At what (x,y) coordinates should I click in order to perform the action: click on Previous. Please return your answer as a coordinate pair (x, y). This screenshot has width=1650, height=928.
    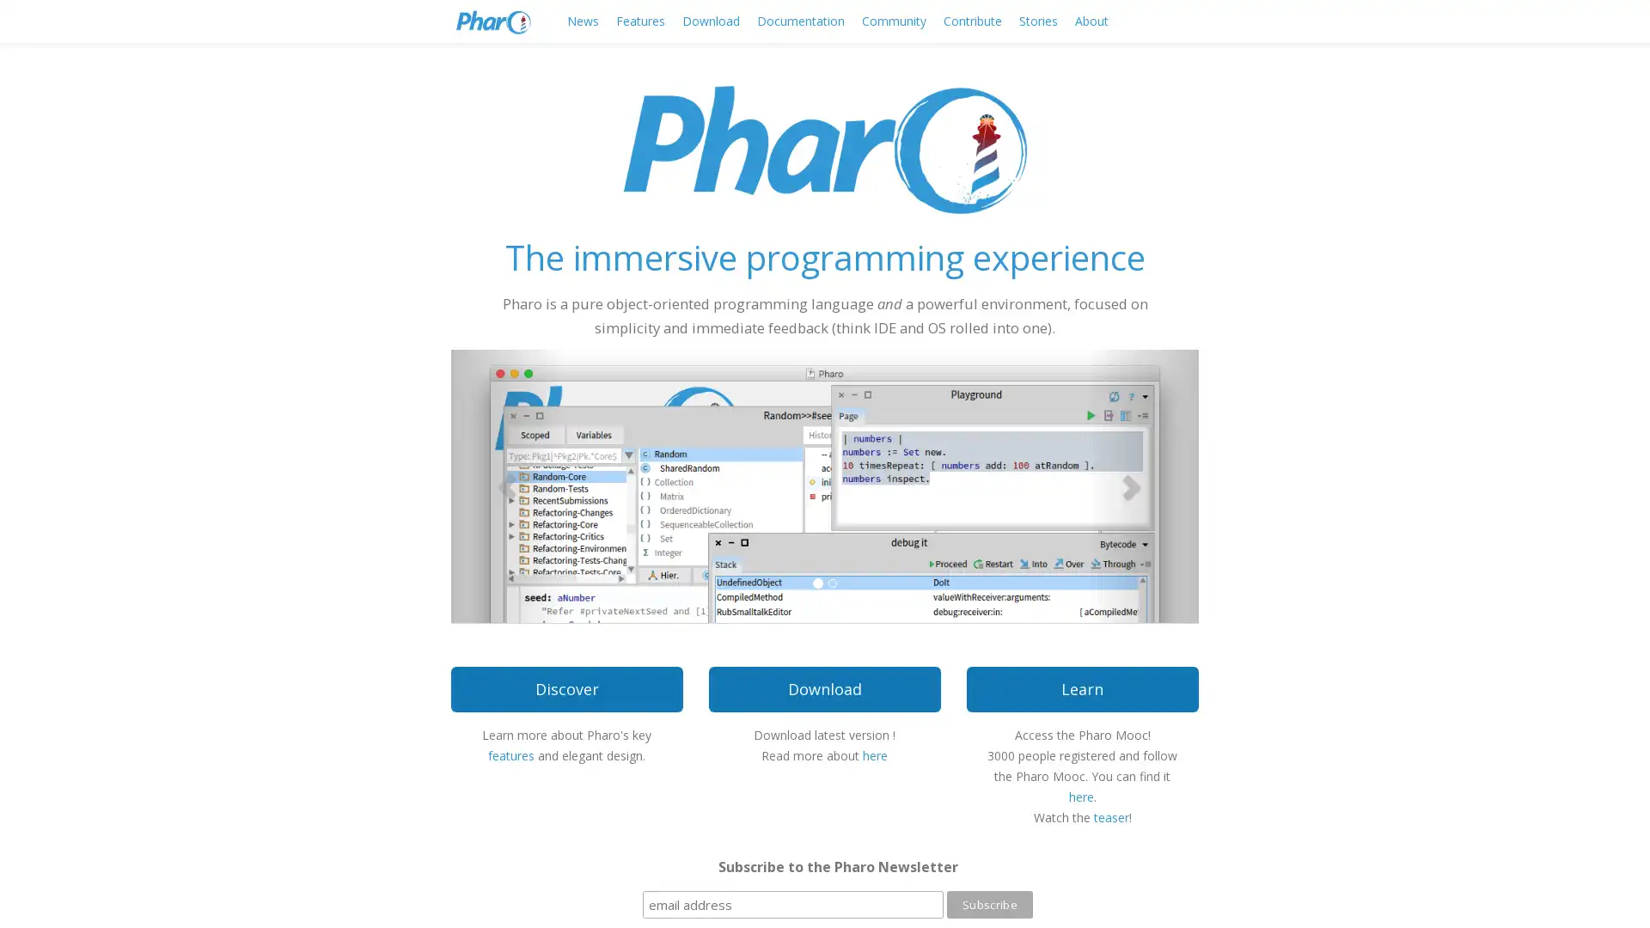
    Looking at the image, I should click on (506, 485).